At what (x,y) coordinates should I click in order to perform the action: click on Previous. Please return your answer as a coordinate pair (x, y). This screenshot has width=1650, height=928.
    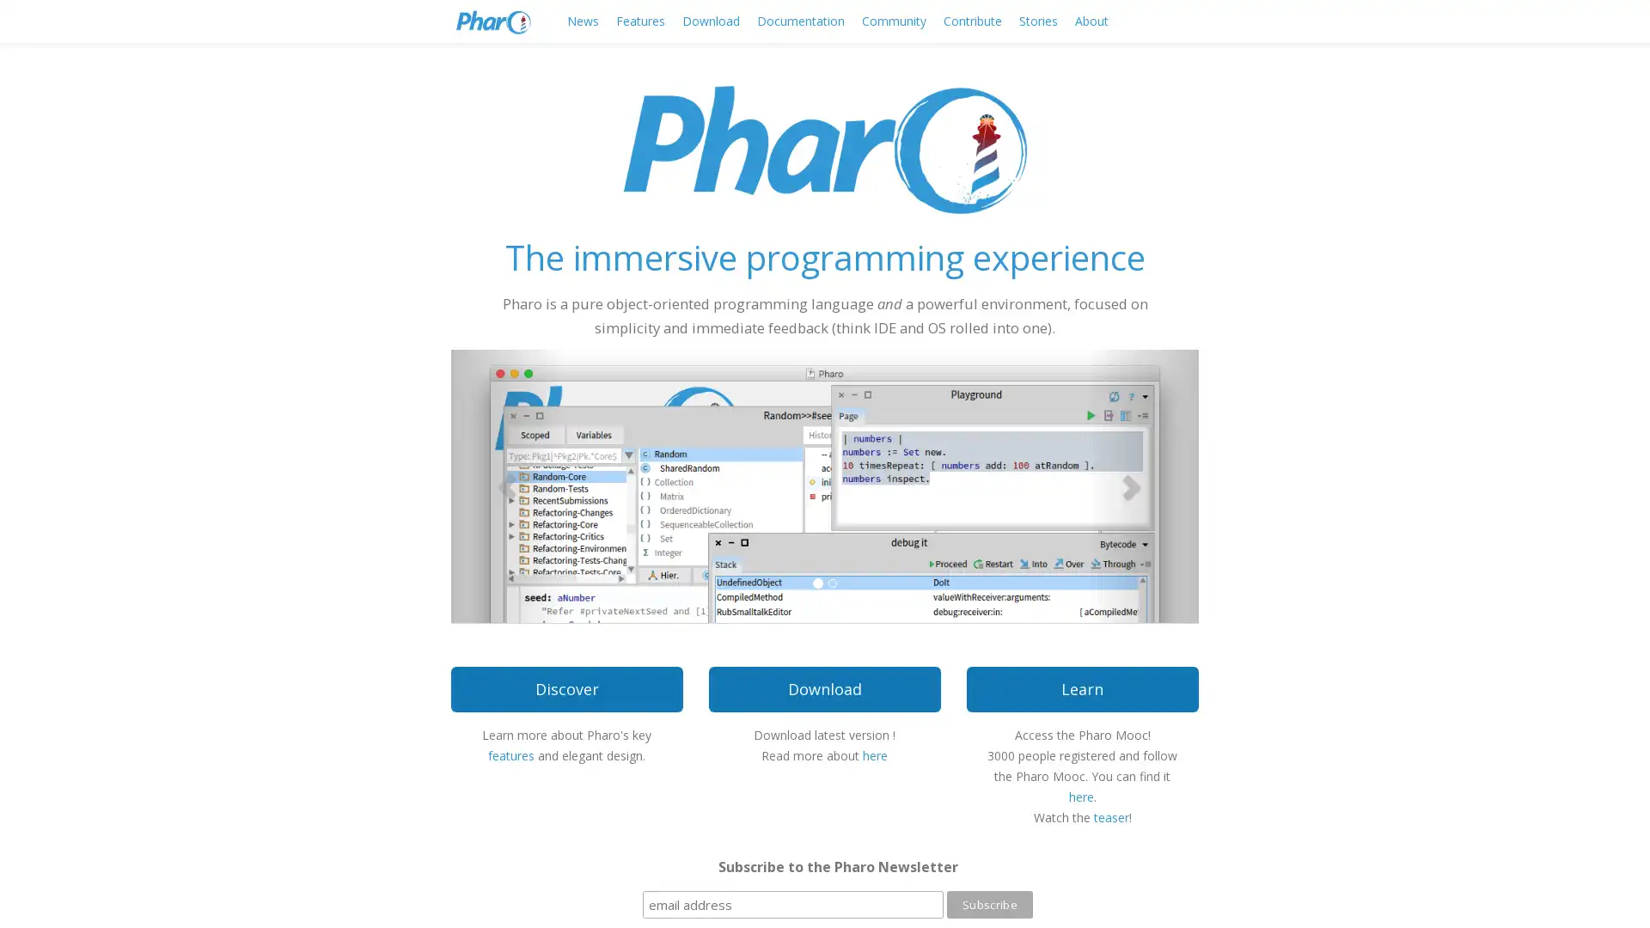
    Looking at the image, I should click on (506, 485).